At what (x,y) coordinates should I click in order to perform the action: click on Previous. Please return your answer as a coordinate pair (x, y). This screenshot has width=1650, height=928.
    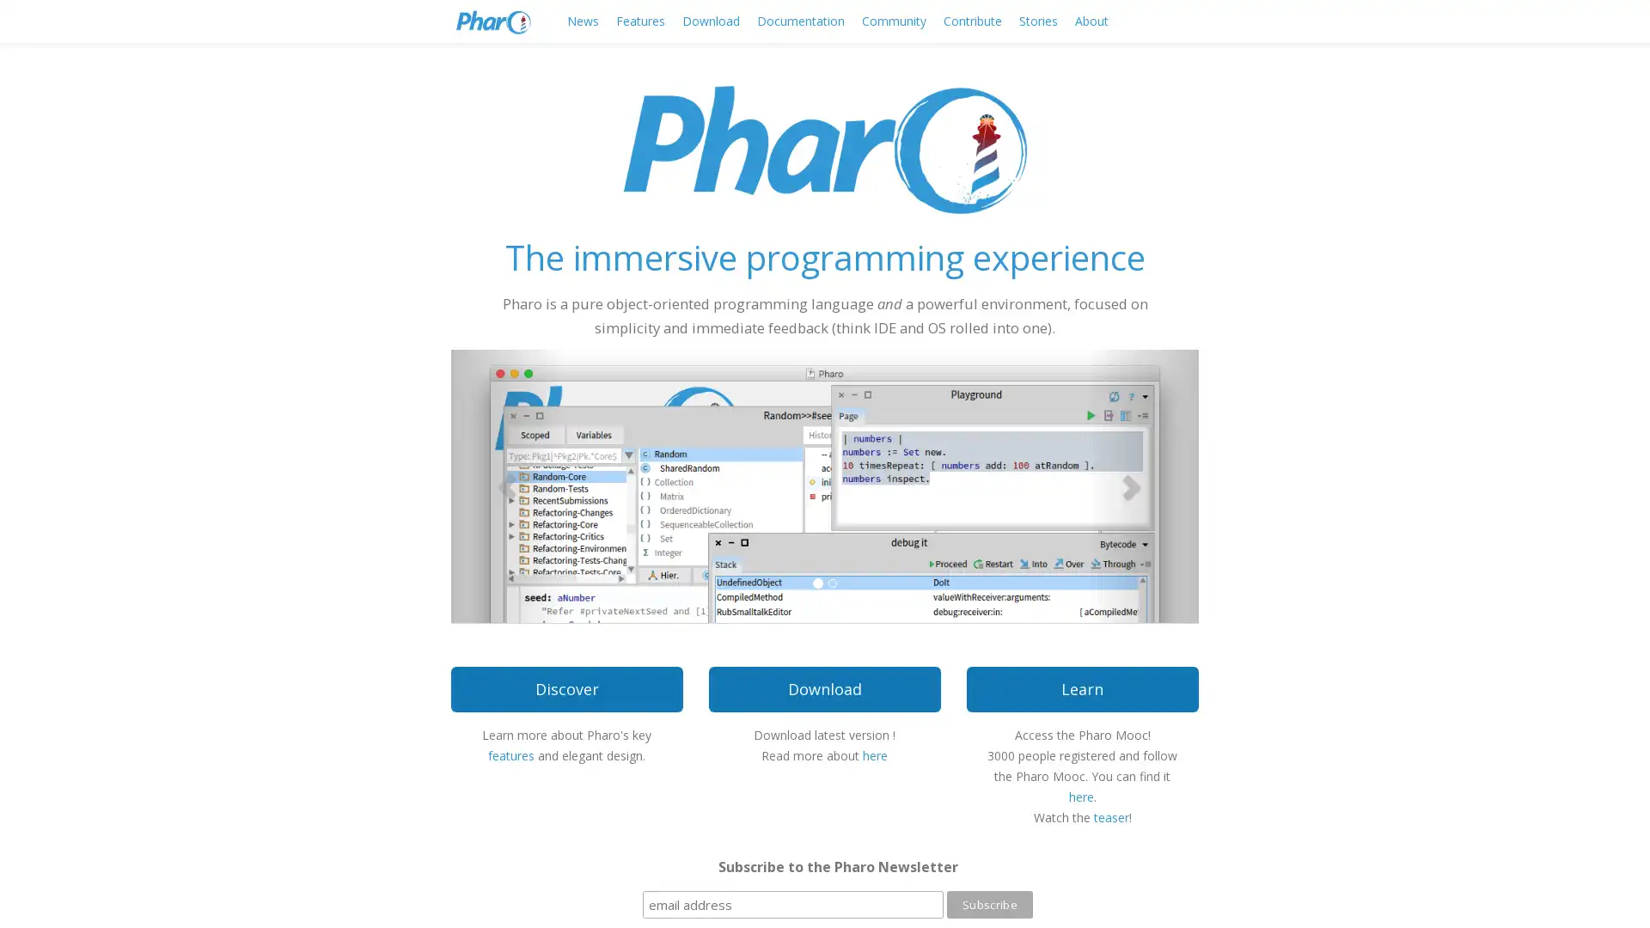
    Looking at the image, I should click on (506, 485).